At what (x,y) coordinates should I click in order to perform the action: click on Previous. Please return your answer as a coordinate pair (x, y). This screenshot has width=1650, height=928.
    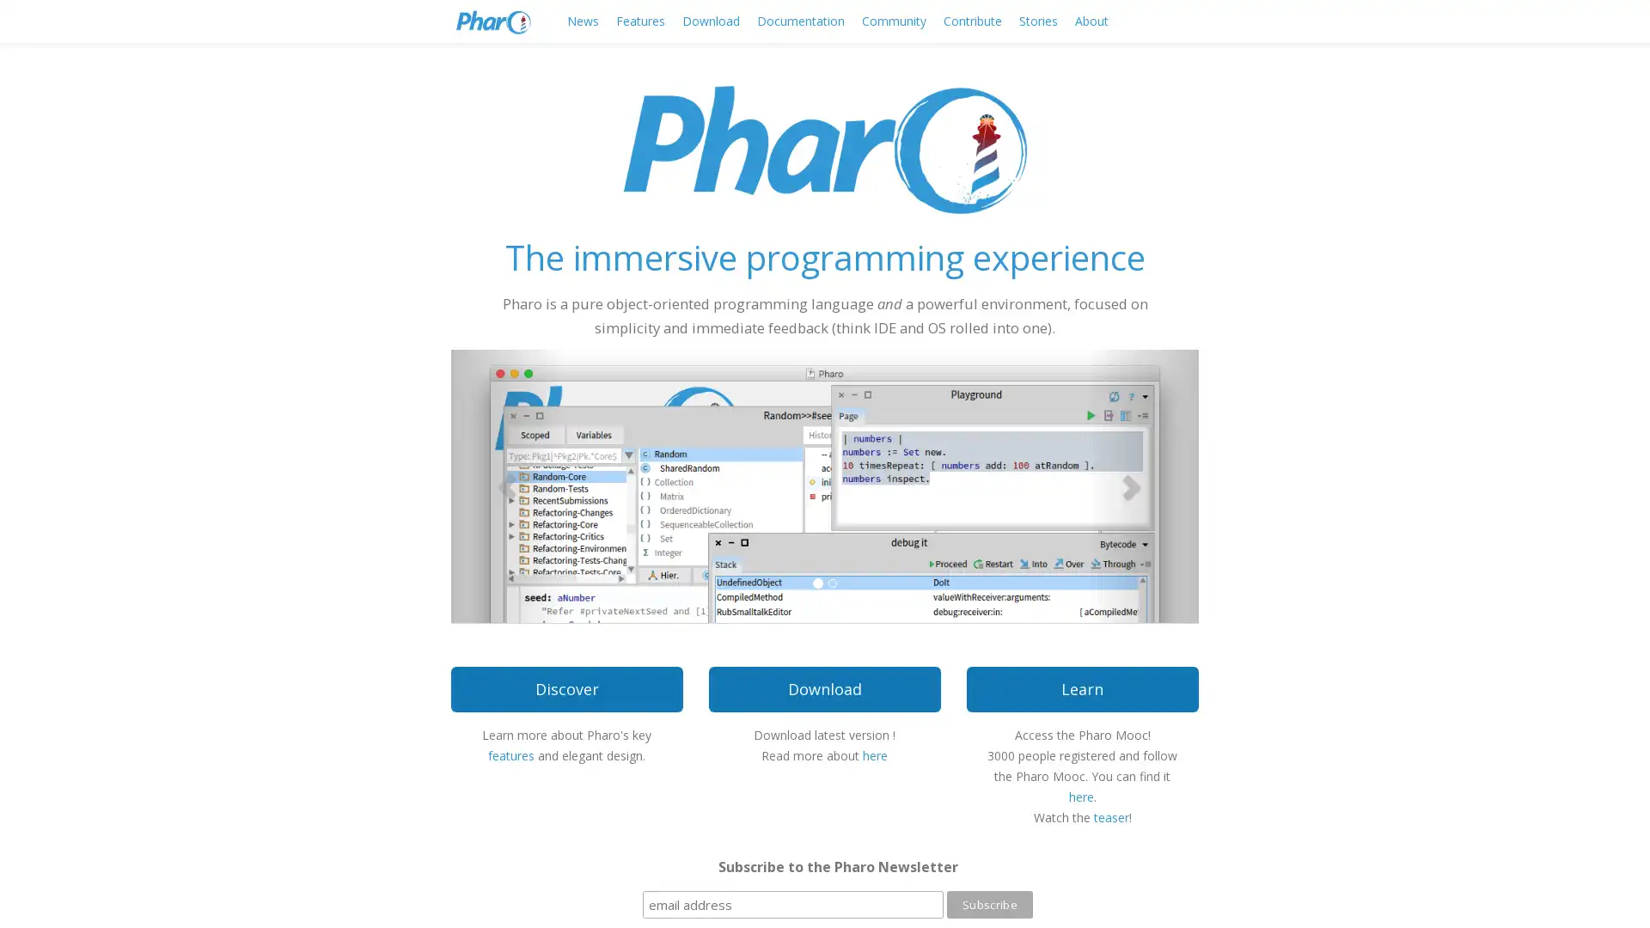
    Looking at the image, I should click on (506, 485).